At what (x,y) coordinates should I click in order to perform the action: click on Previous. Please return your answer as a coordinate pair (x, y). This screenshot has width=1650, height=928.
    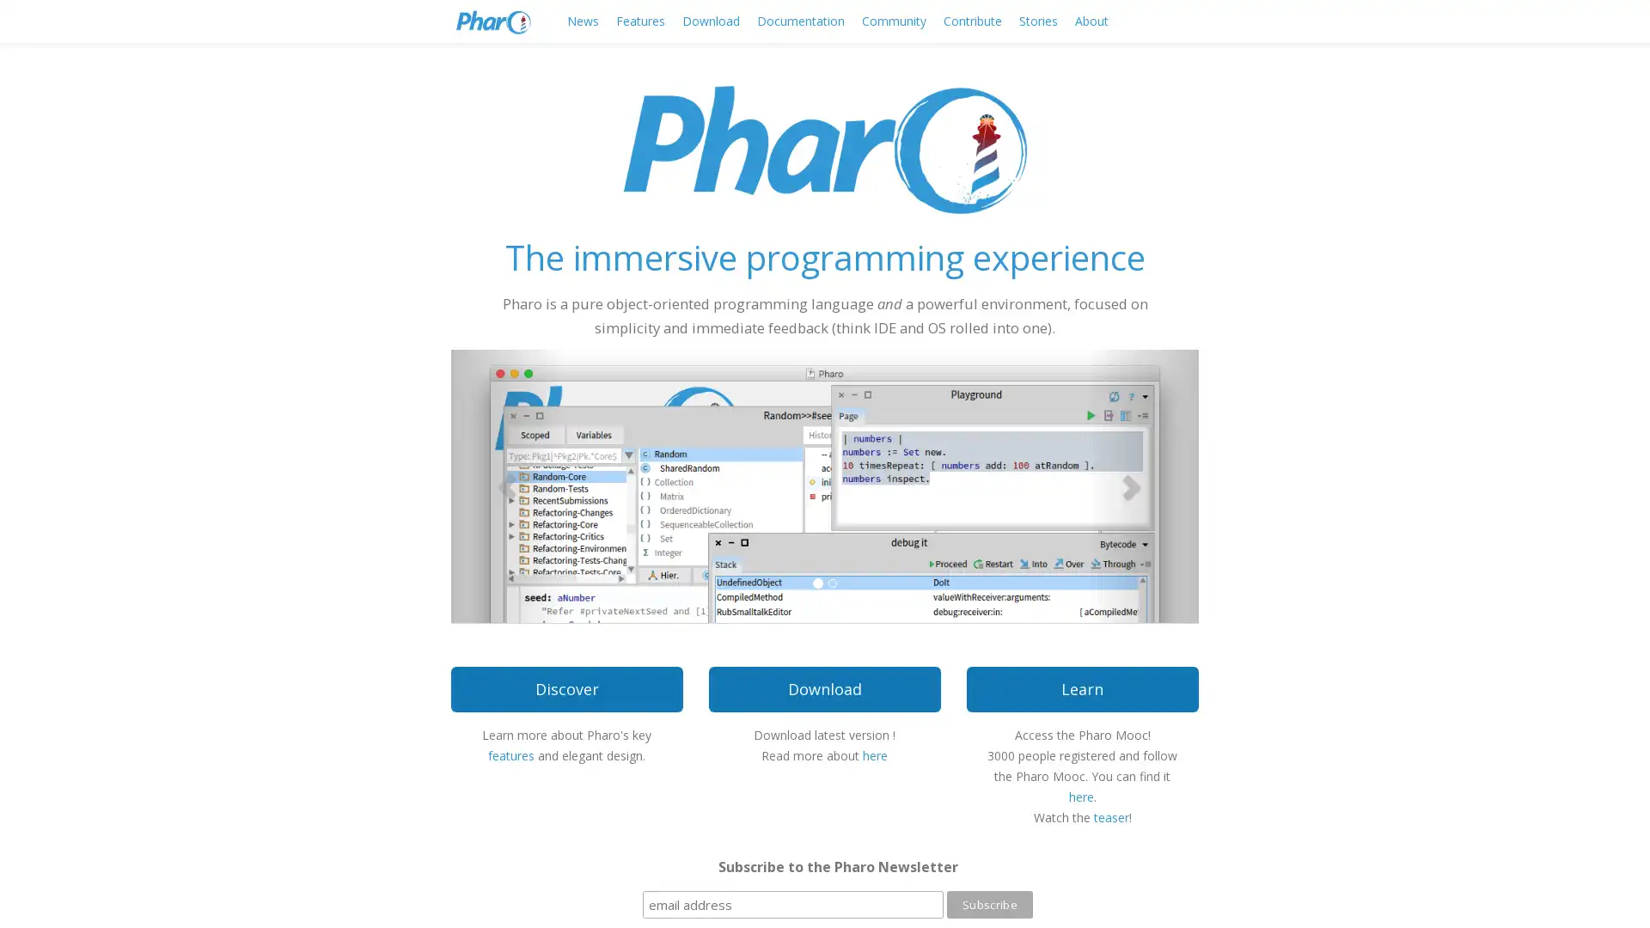
    Looking at the image, I should click on (506, 485).